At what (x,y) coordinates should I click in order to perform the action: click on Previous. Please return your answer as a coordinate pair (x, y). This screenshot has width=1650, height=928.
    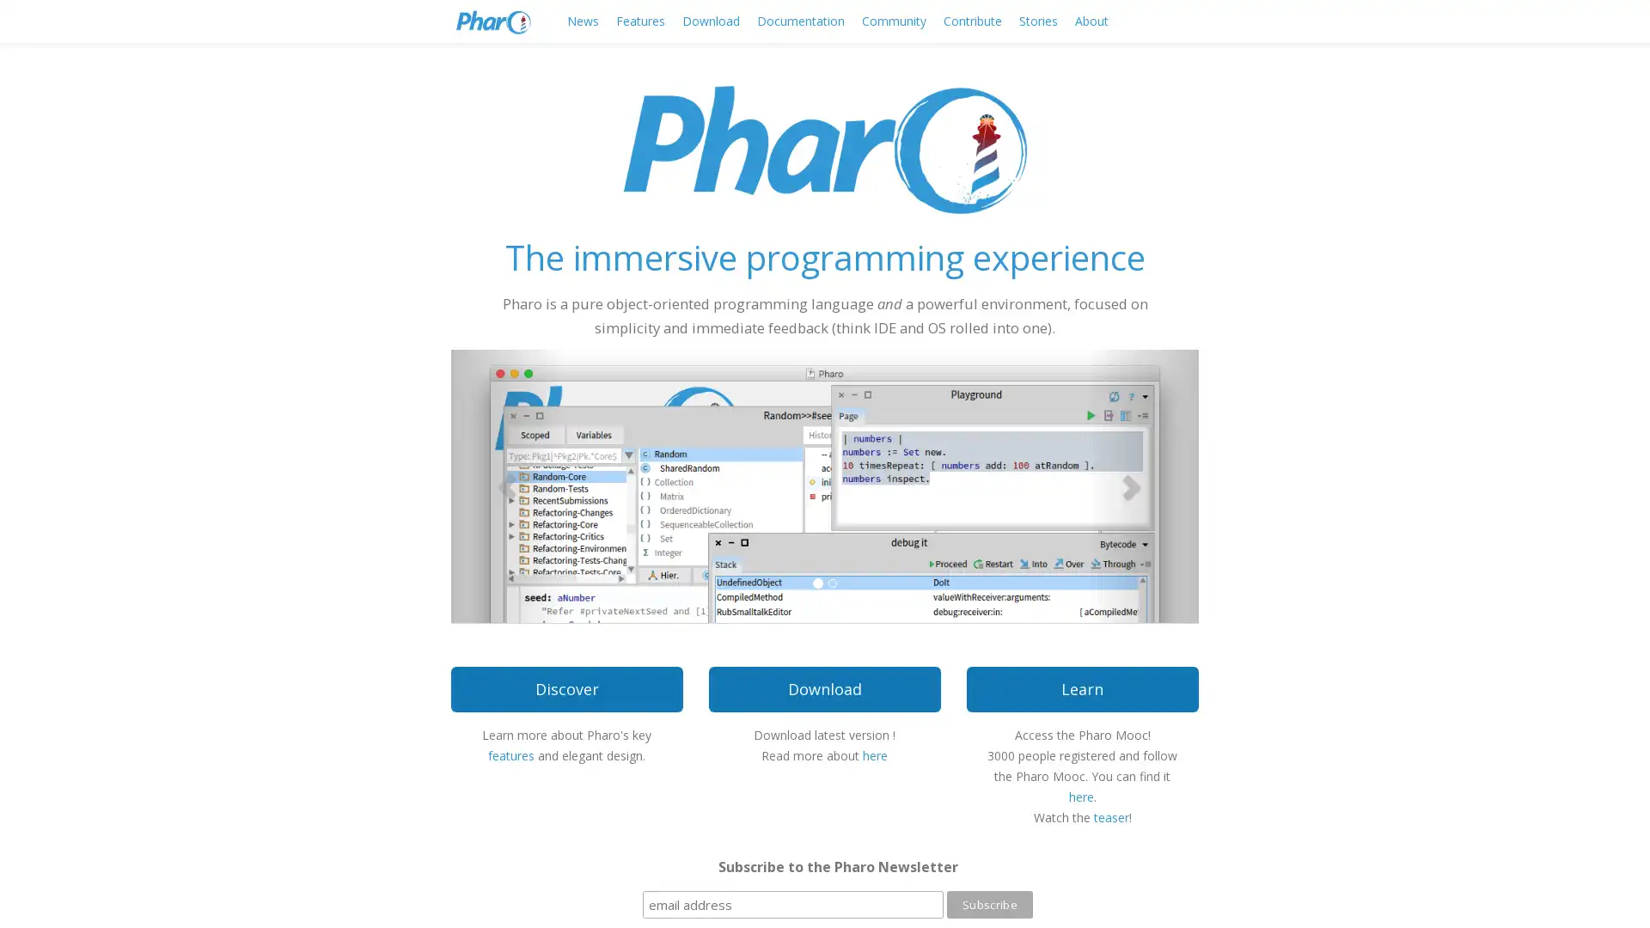
    Looking at the image, I should click on (506, 485).